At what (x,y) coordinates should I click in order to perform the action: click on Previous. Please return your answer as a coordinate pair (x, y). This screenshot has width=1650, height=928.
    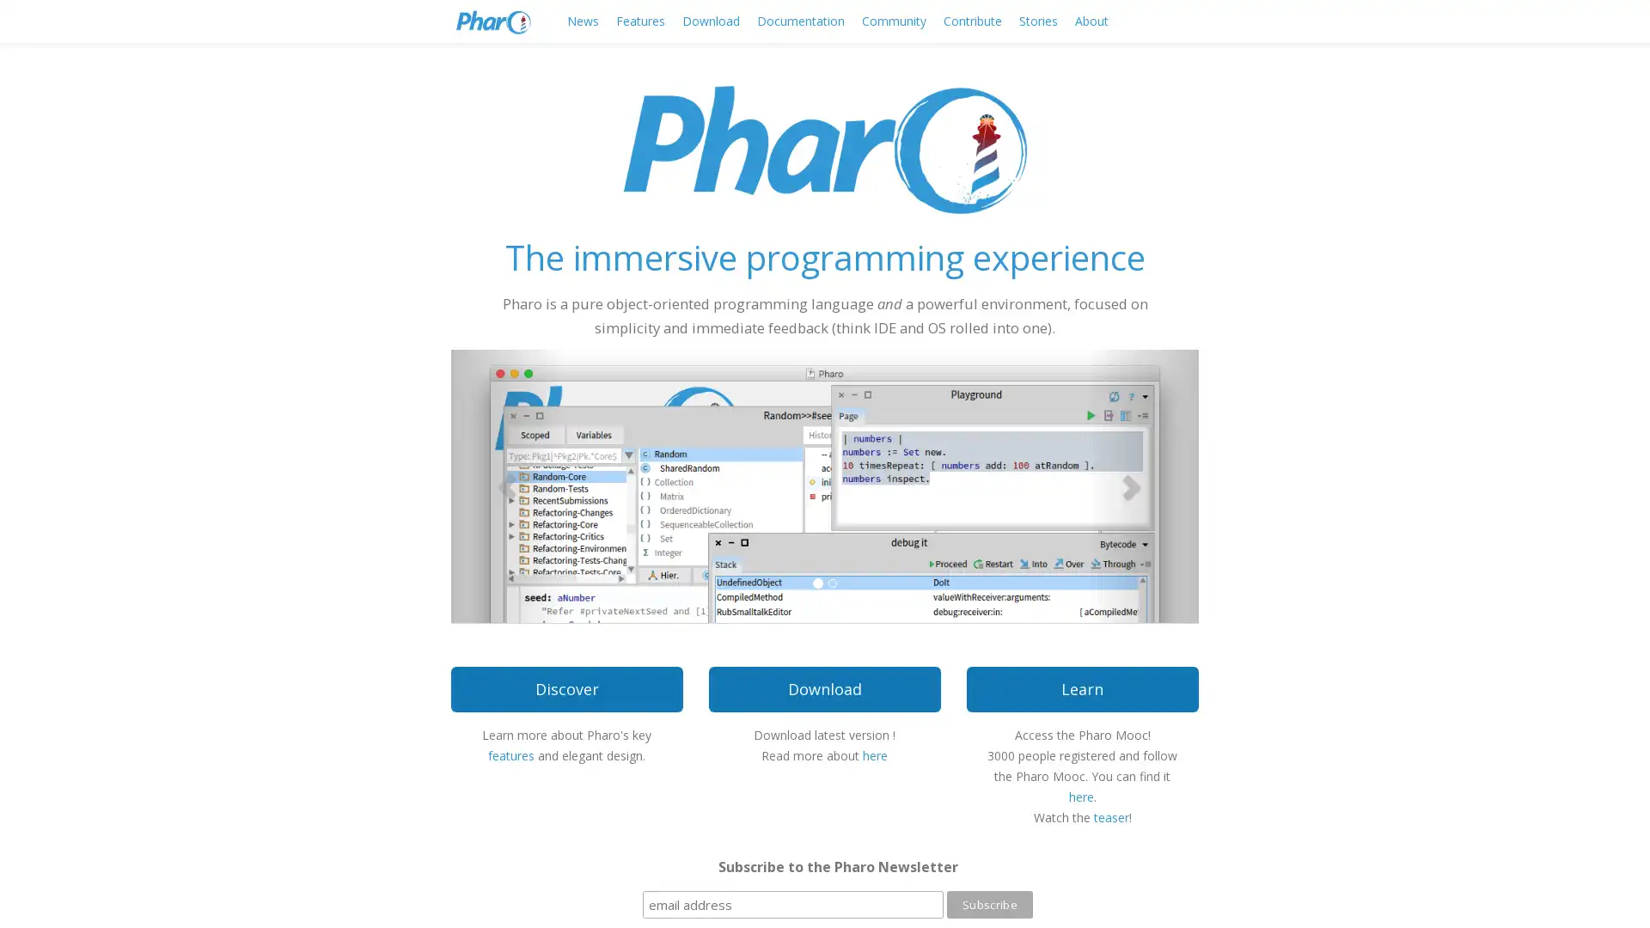
    Looking at the image, I should click on (506, 485).